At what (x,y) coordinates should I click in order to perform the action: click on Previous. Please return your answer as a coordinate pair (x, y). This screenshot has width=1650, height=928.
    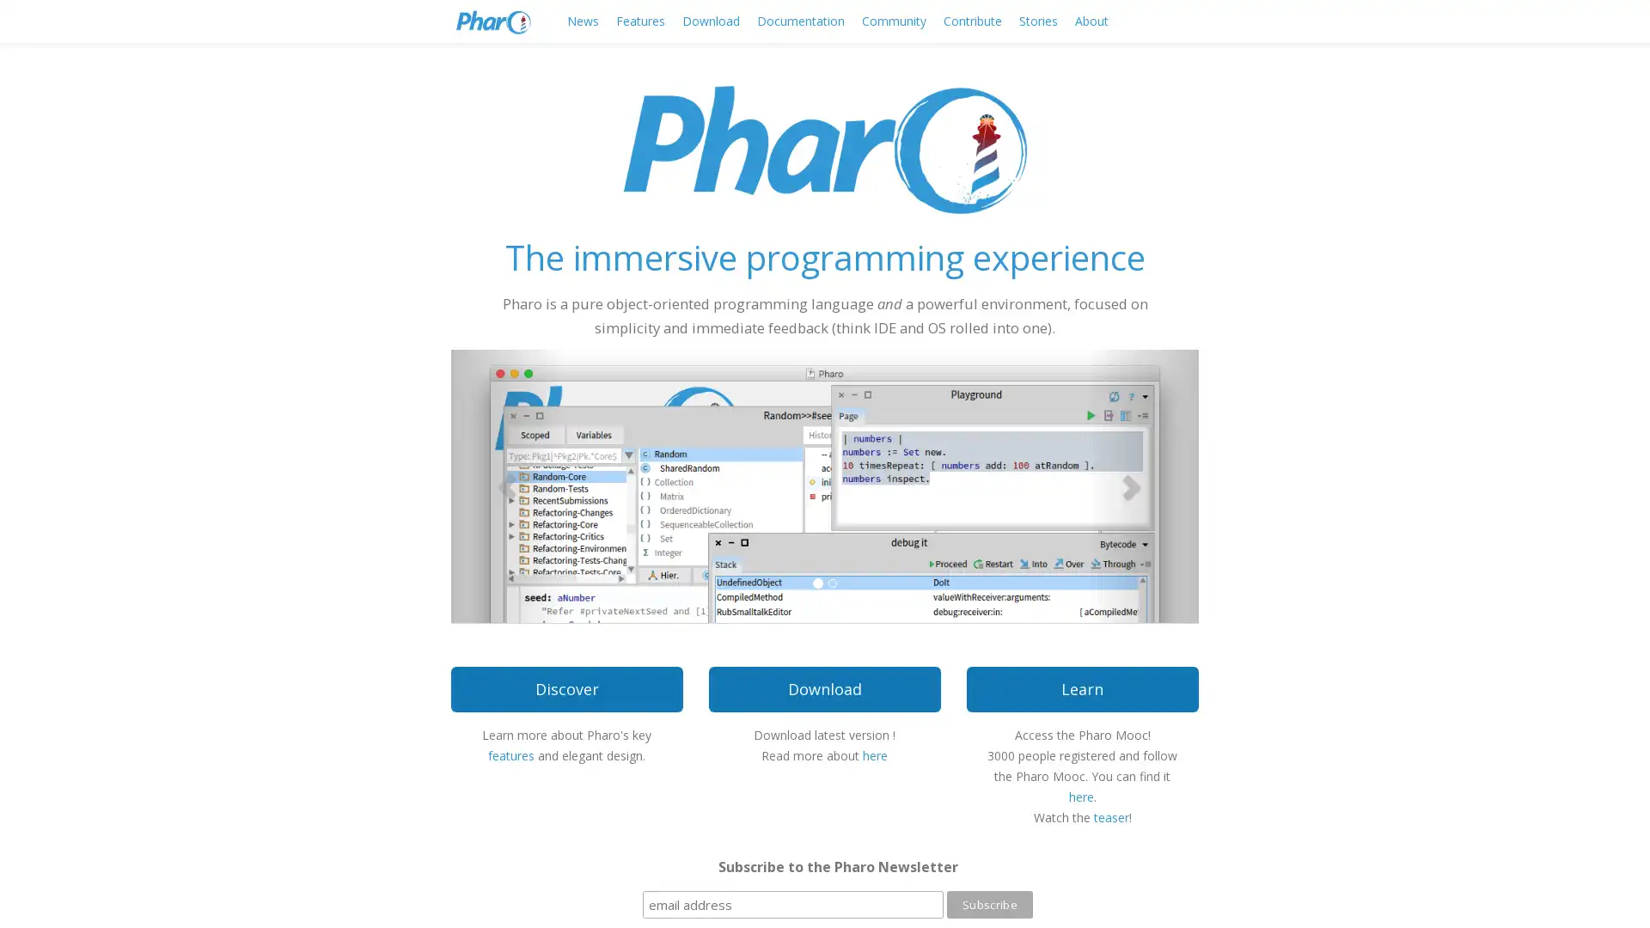
    Looking at the image, I should click on (506, 485).